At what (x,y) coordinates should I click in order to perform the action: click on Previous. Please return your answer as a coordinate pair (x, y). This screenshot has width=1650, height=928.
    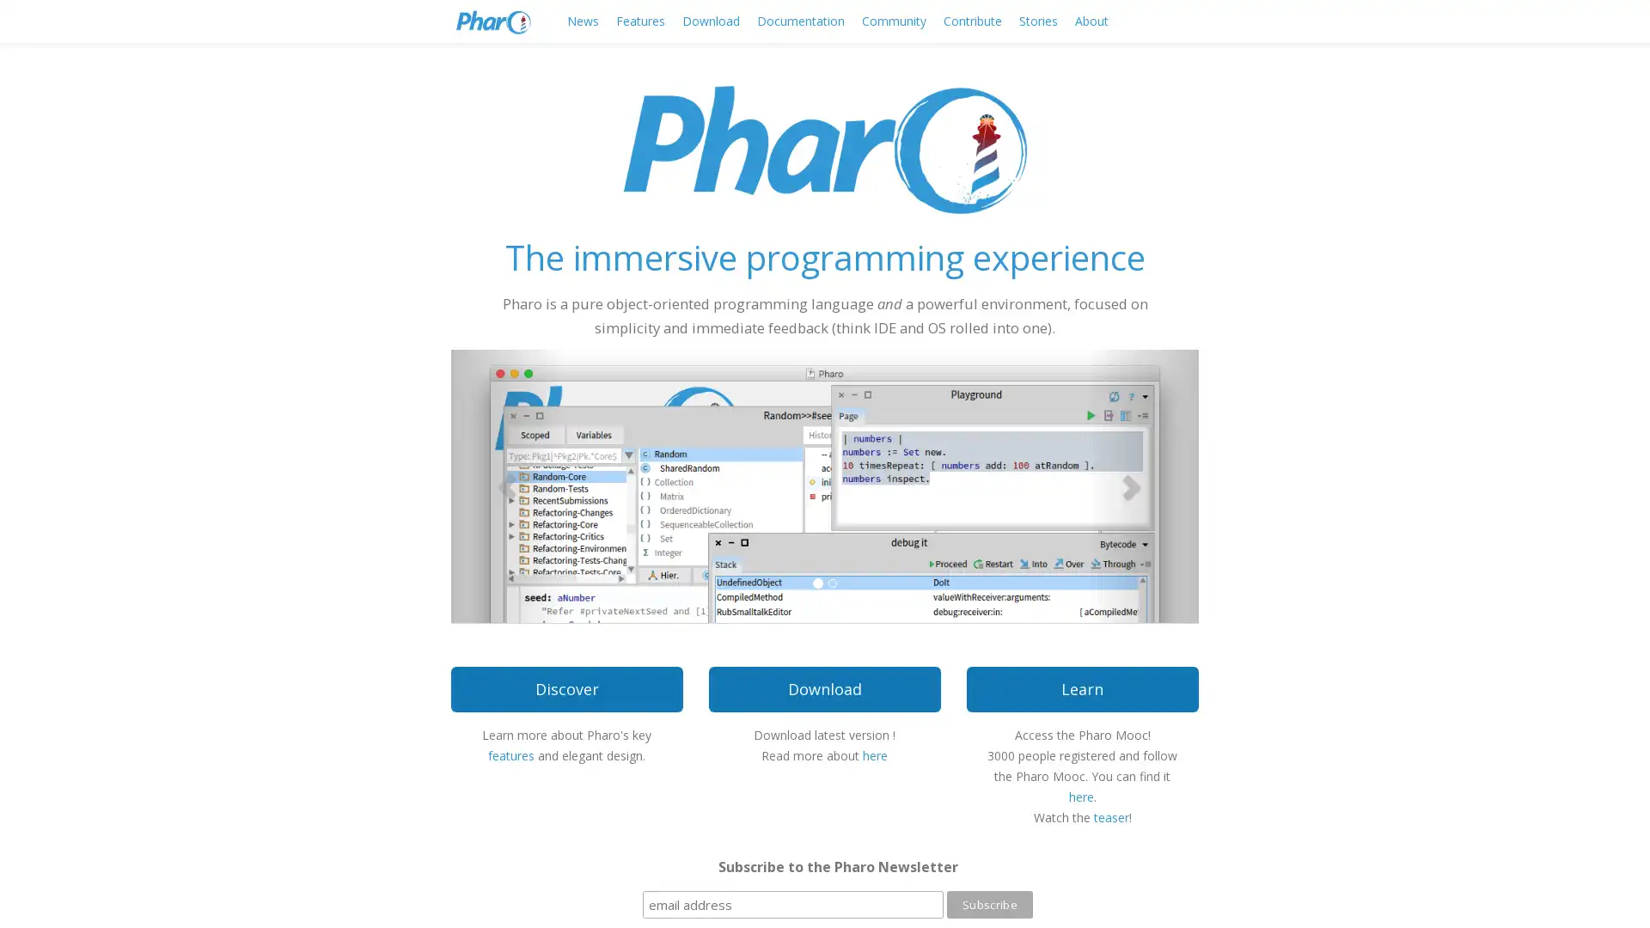
    Looking at the image, I should click on (506, 485).